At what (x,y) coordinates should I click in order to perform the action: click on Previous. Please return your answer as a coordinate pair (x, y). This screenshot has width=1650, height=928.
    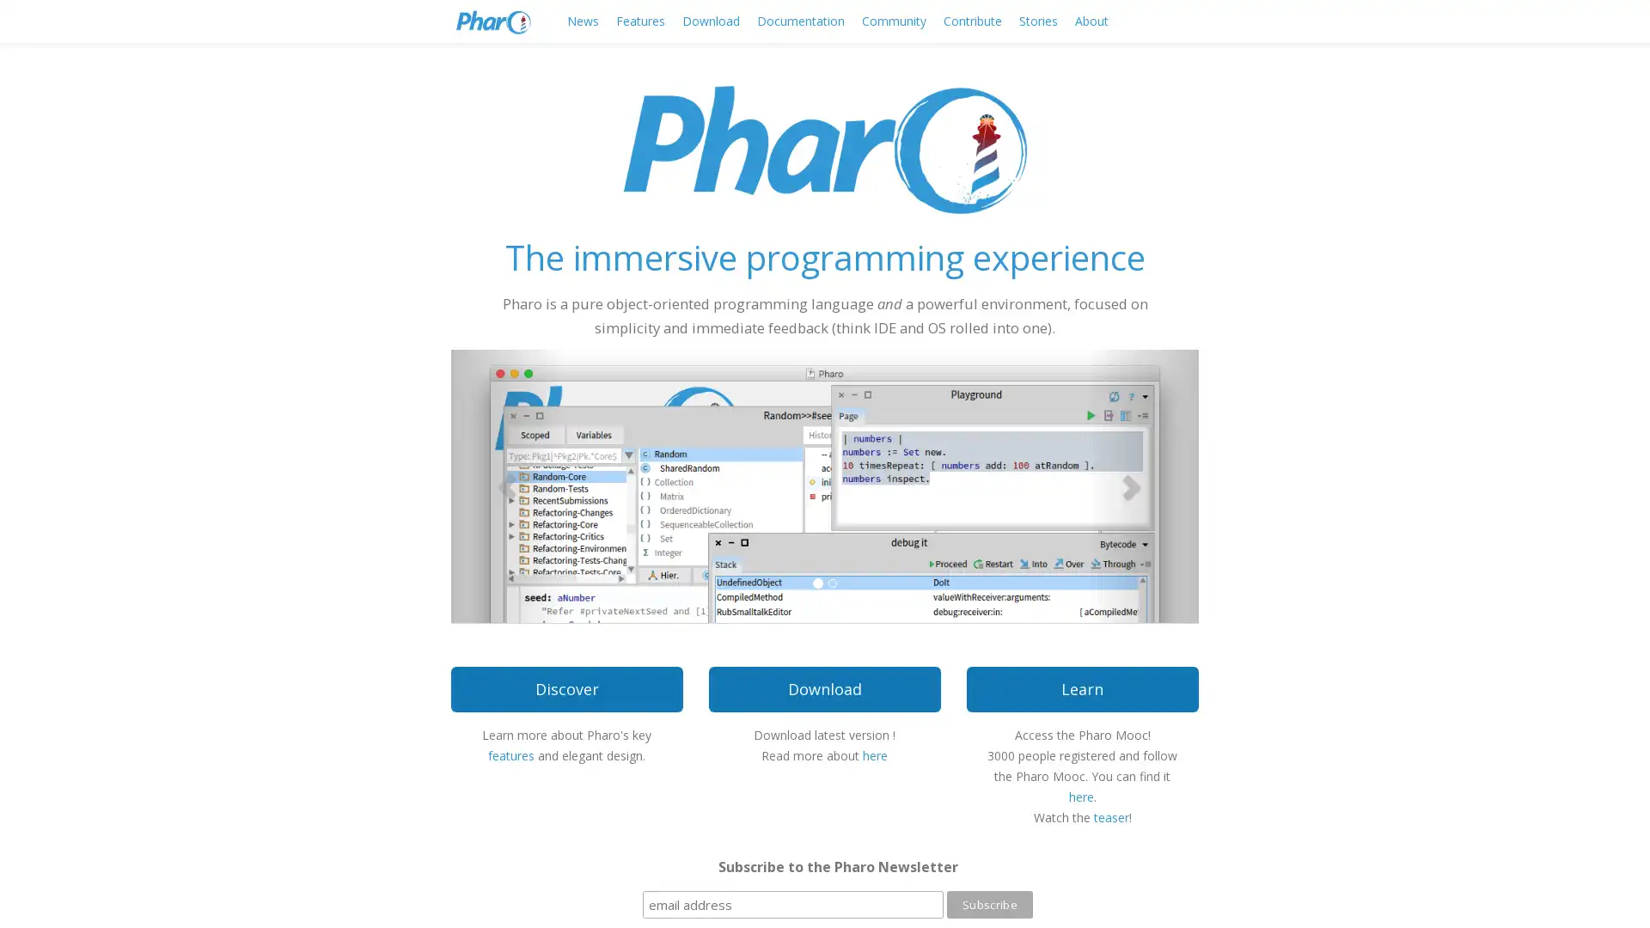
    Looking at the image, I should click on (506, 485).